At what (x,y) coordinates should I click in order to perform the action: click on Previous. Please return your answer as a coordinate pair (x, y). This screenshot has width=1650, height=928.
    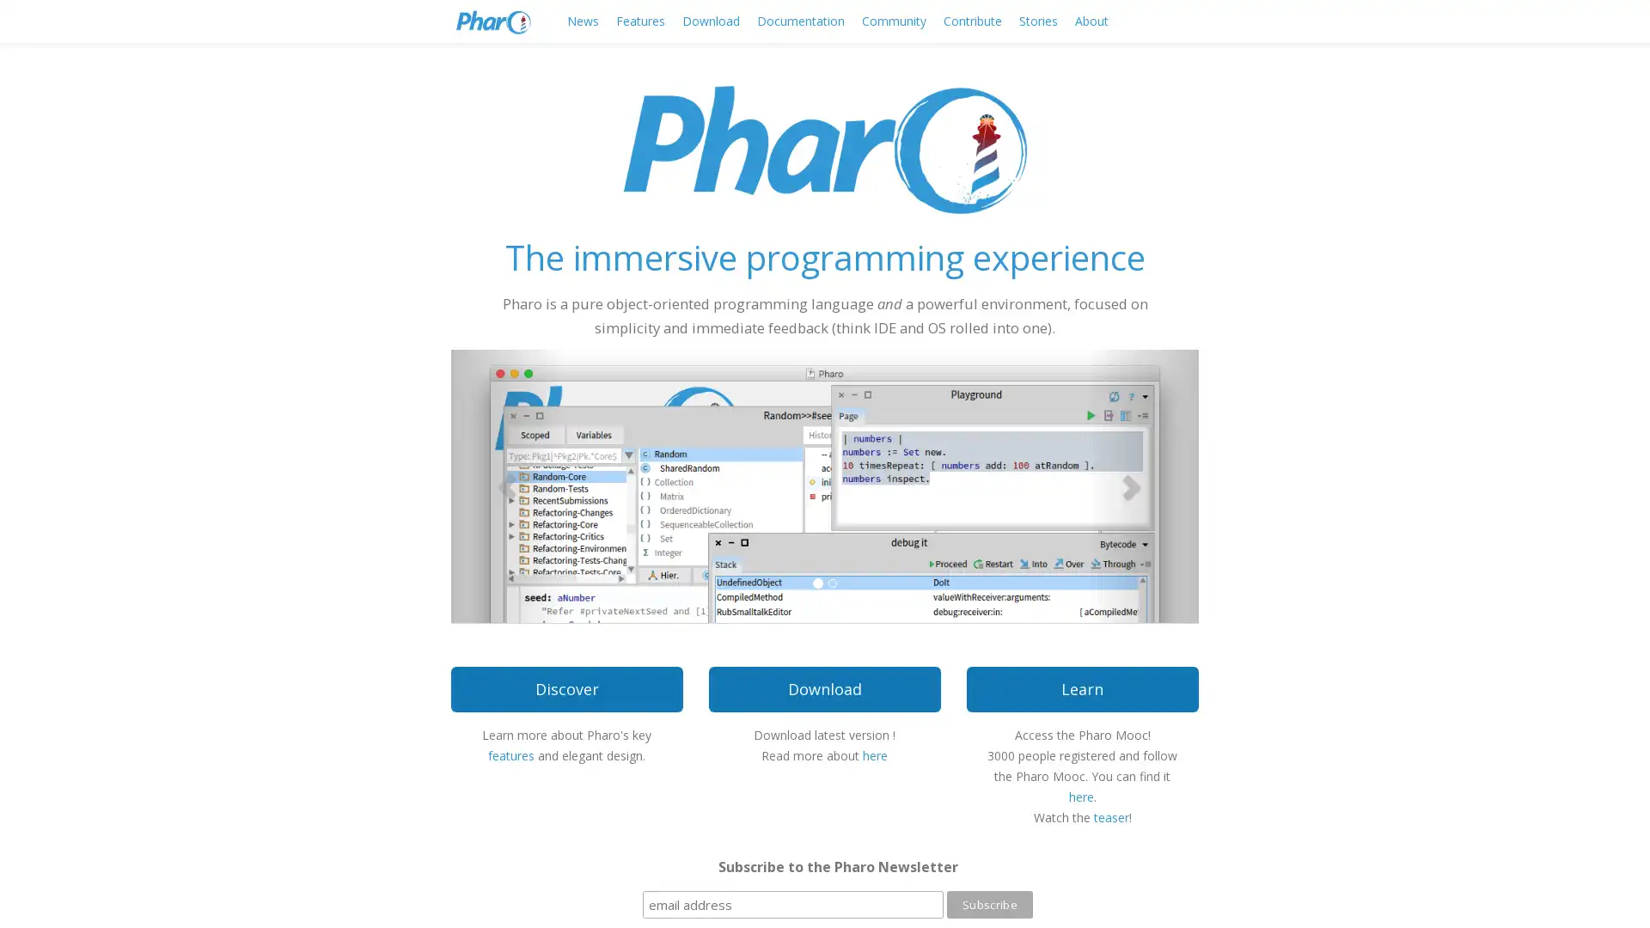
    Looking at the image, I should click on (506, 485).